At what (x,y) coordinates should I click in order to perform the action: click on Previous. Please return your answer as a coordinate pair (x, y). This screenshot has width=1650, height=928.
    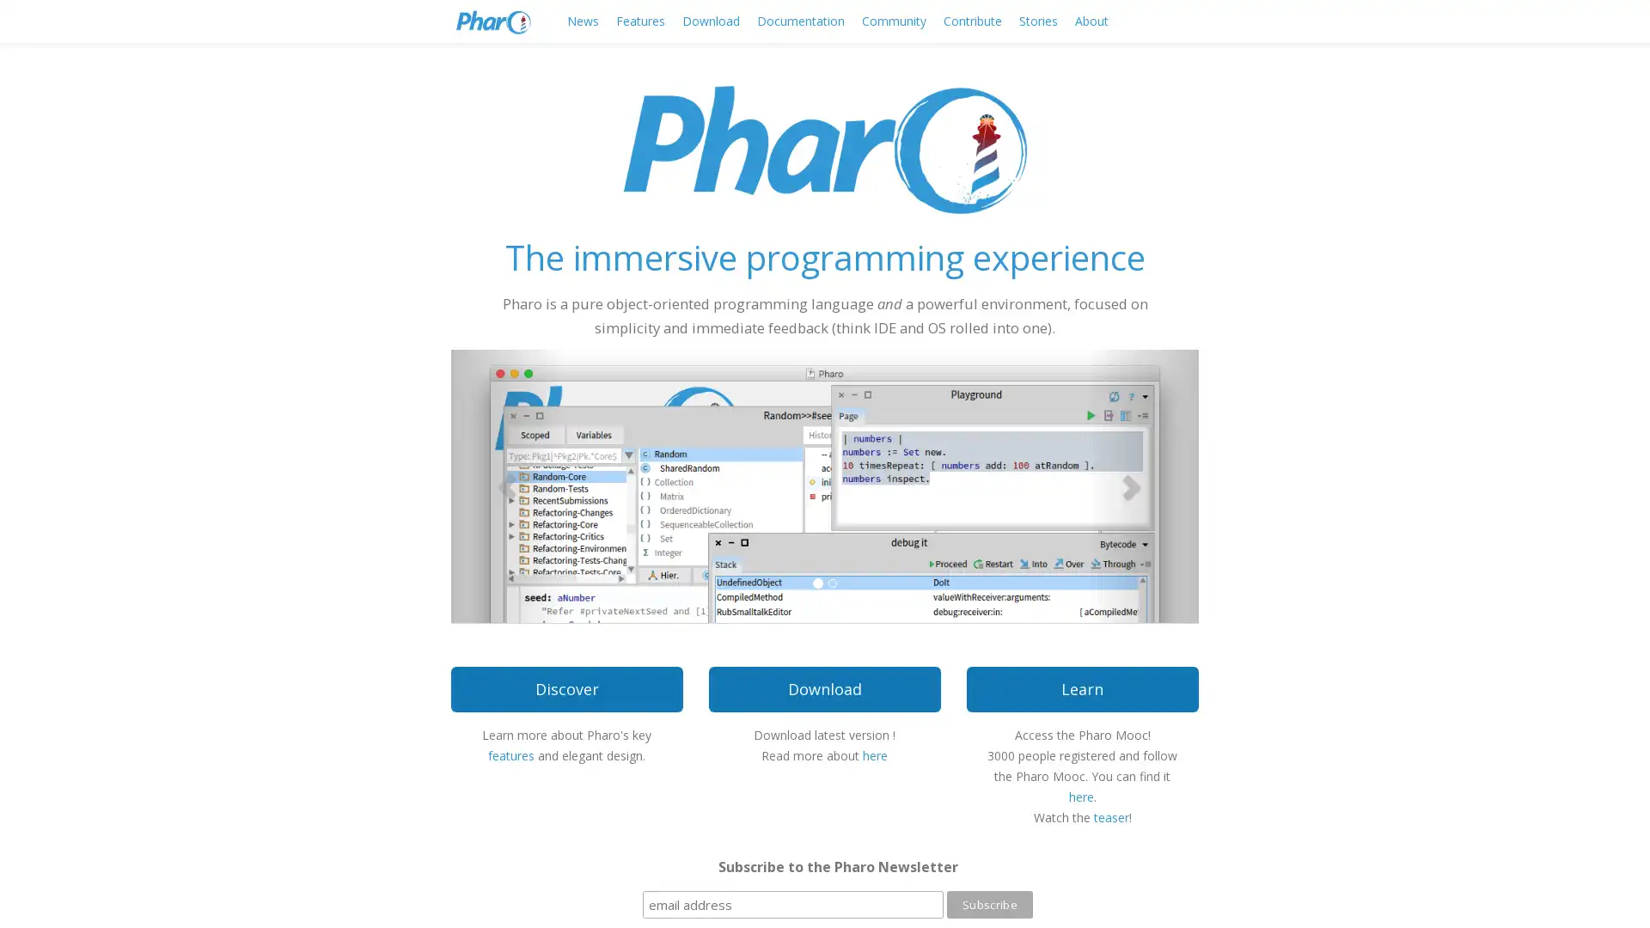
    Looking at the image, I should click on (506, 485).